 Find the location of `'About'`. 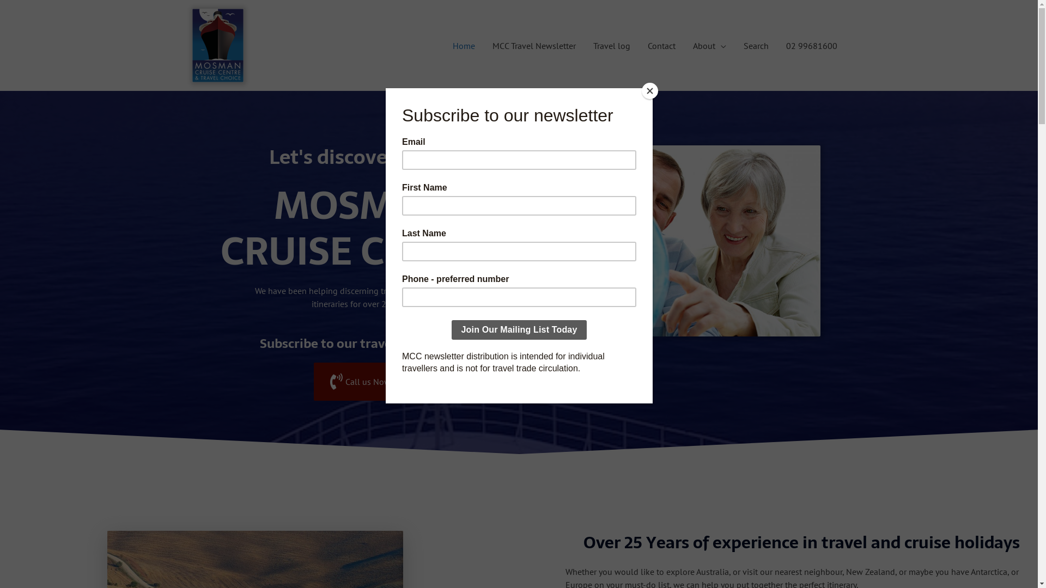

'About' is located at coordinates (709, 45).